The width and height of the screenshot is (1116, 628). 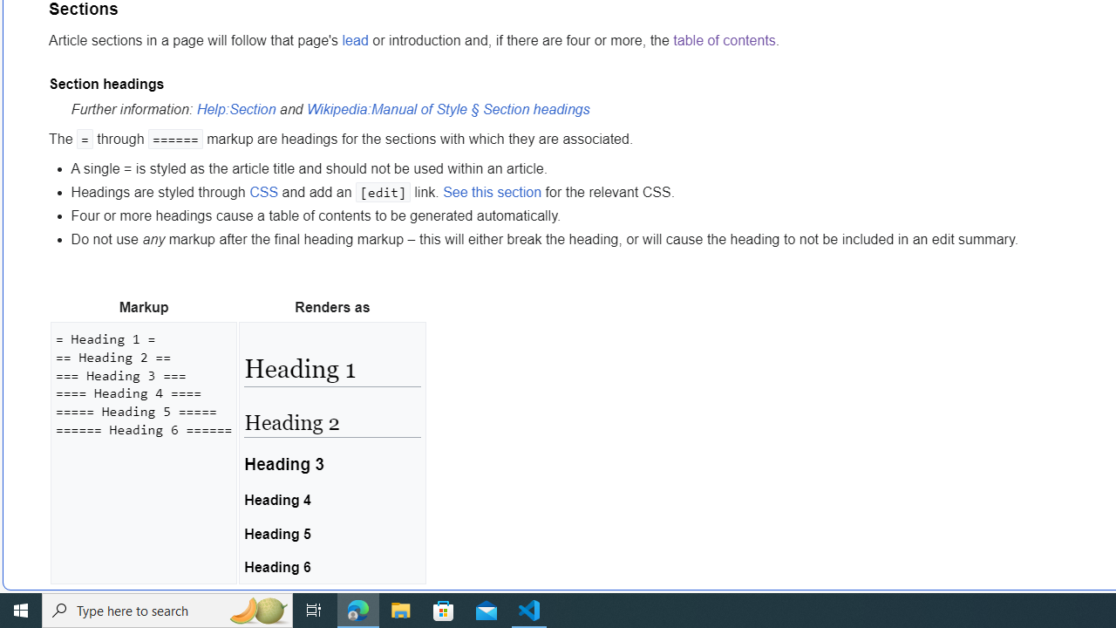 What do you see at coordinates (354, 40) in the screenshot?
I see `'lead'` at bounding box center [354, 40].